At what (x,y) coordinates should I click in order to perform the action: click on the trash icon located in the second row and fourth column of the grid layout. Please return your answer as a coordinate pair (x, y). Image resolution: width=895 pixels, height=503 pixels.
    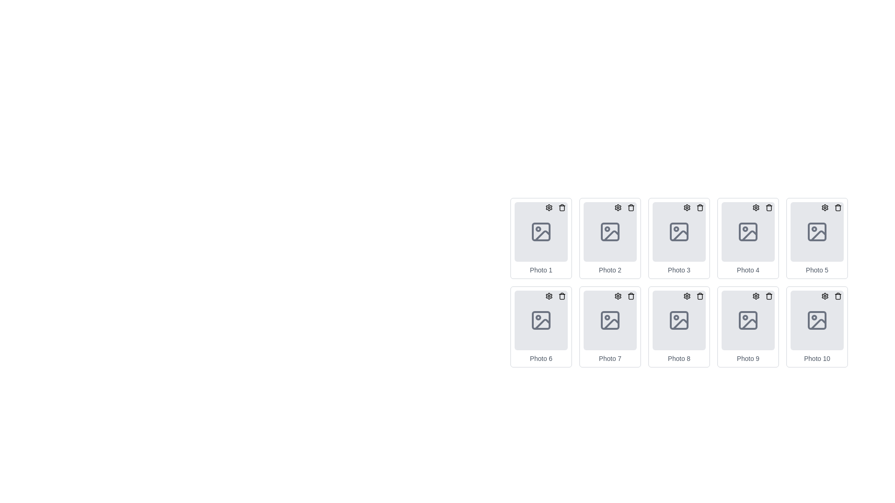
    Looking at the image, I should click on (769, 208).